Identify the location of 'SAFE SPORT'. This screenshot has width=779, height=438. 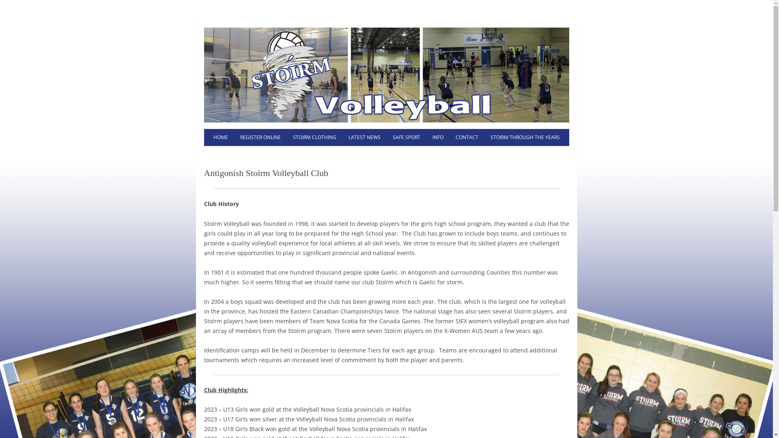
(406, 137).